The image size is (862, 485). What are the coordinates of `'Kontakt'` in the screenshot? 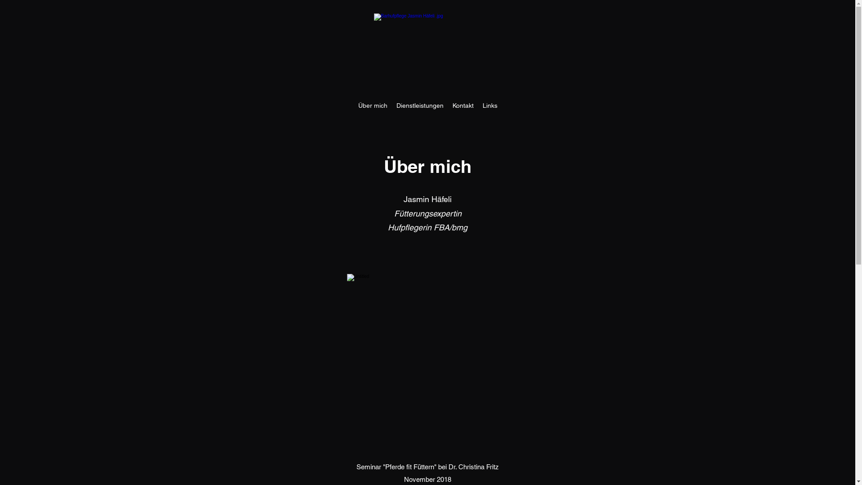 It's located at (463, 105).